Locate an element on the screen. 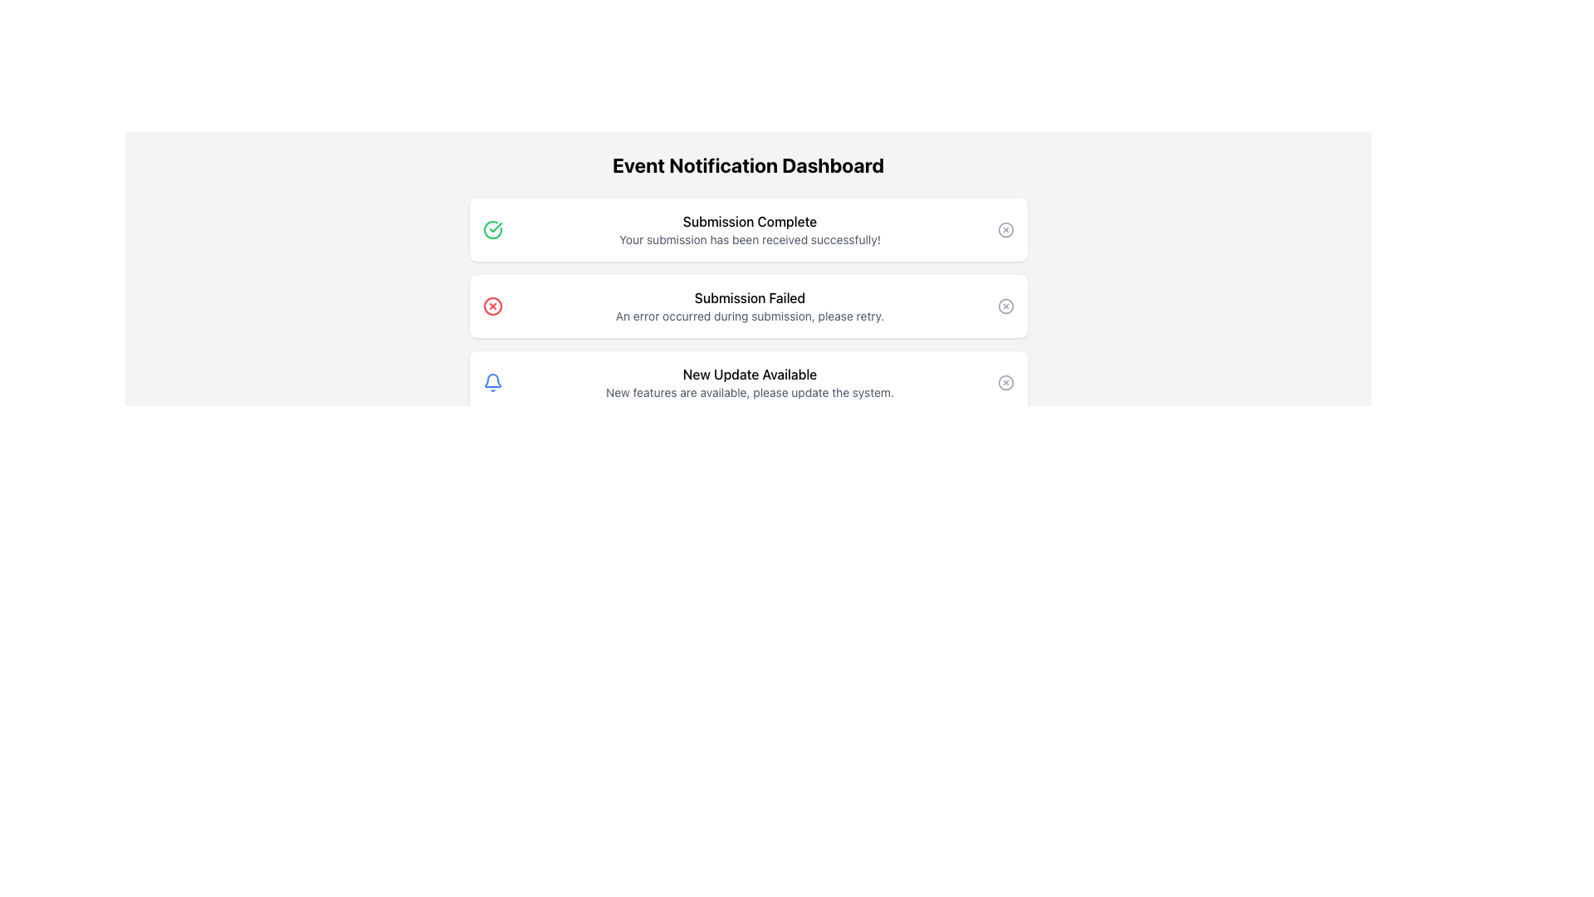 The width and height of the screenshot is (1594, 897). the red error icon located in the left section of the notification panel, which indicates 'Submission Failed' is located at coordinates (491, 306).